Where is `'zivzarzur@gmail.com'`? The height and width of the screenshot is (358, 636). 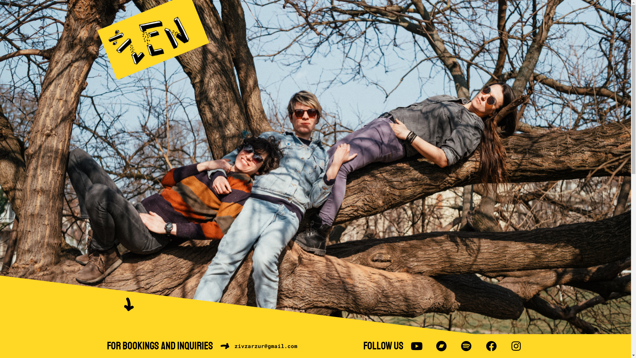
'zivzarzur@gmail.com' is located at coordinates (258, 346).